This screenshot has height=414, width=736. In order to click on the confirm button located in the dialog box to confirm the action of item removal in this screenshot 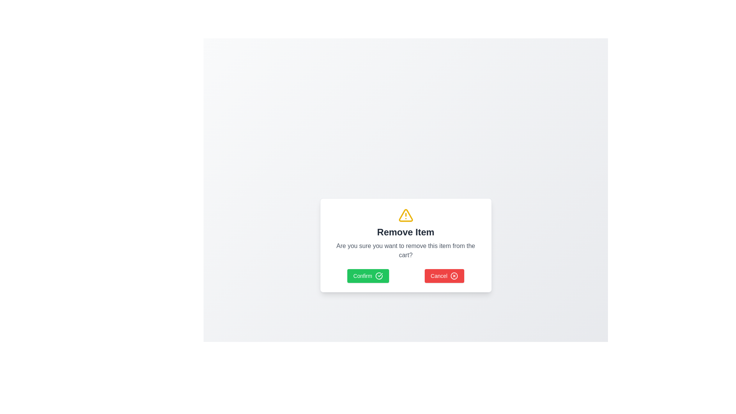, I will do `click(368, 276)`.